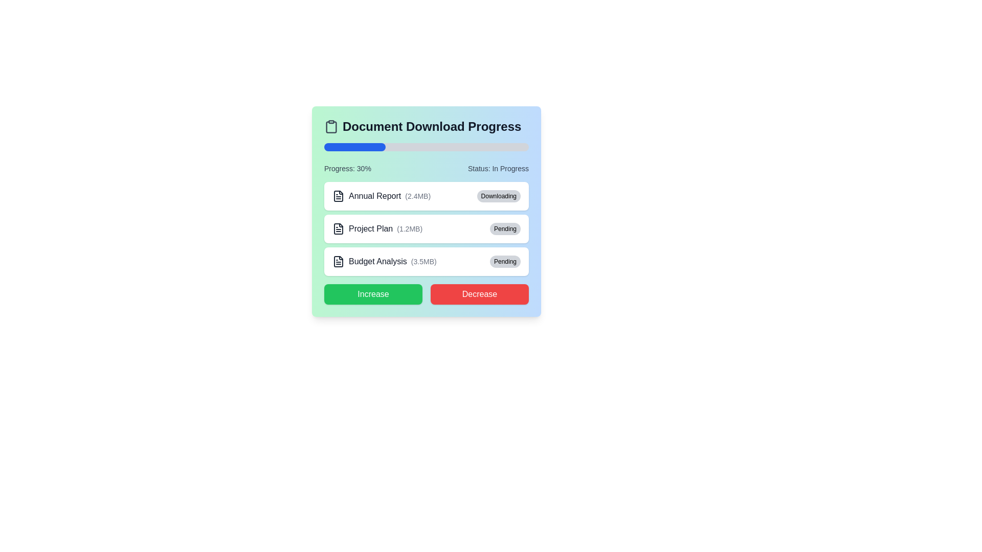  I want to click on text label indicating the title or name of a downloadable document located below 'Annual Report (2.4MB)' and above 'Budget Analysis (3.5MB)', so click(370, 228).